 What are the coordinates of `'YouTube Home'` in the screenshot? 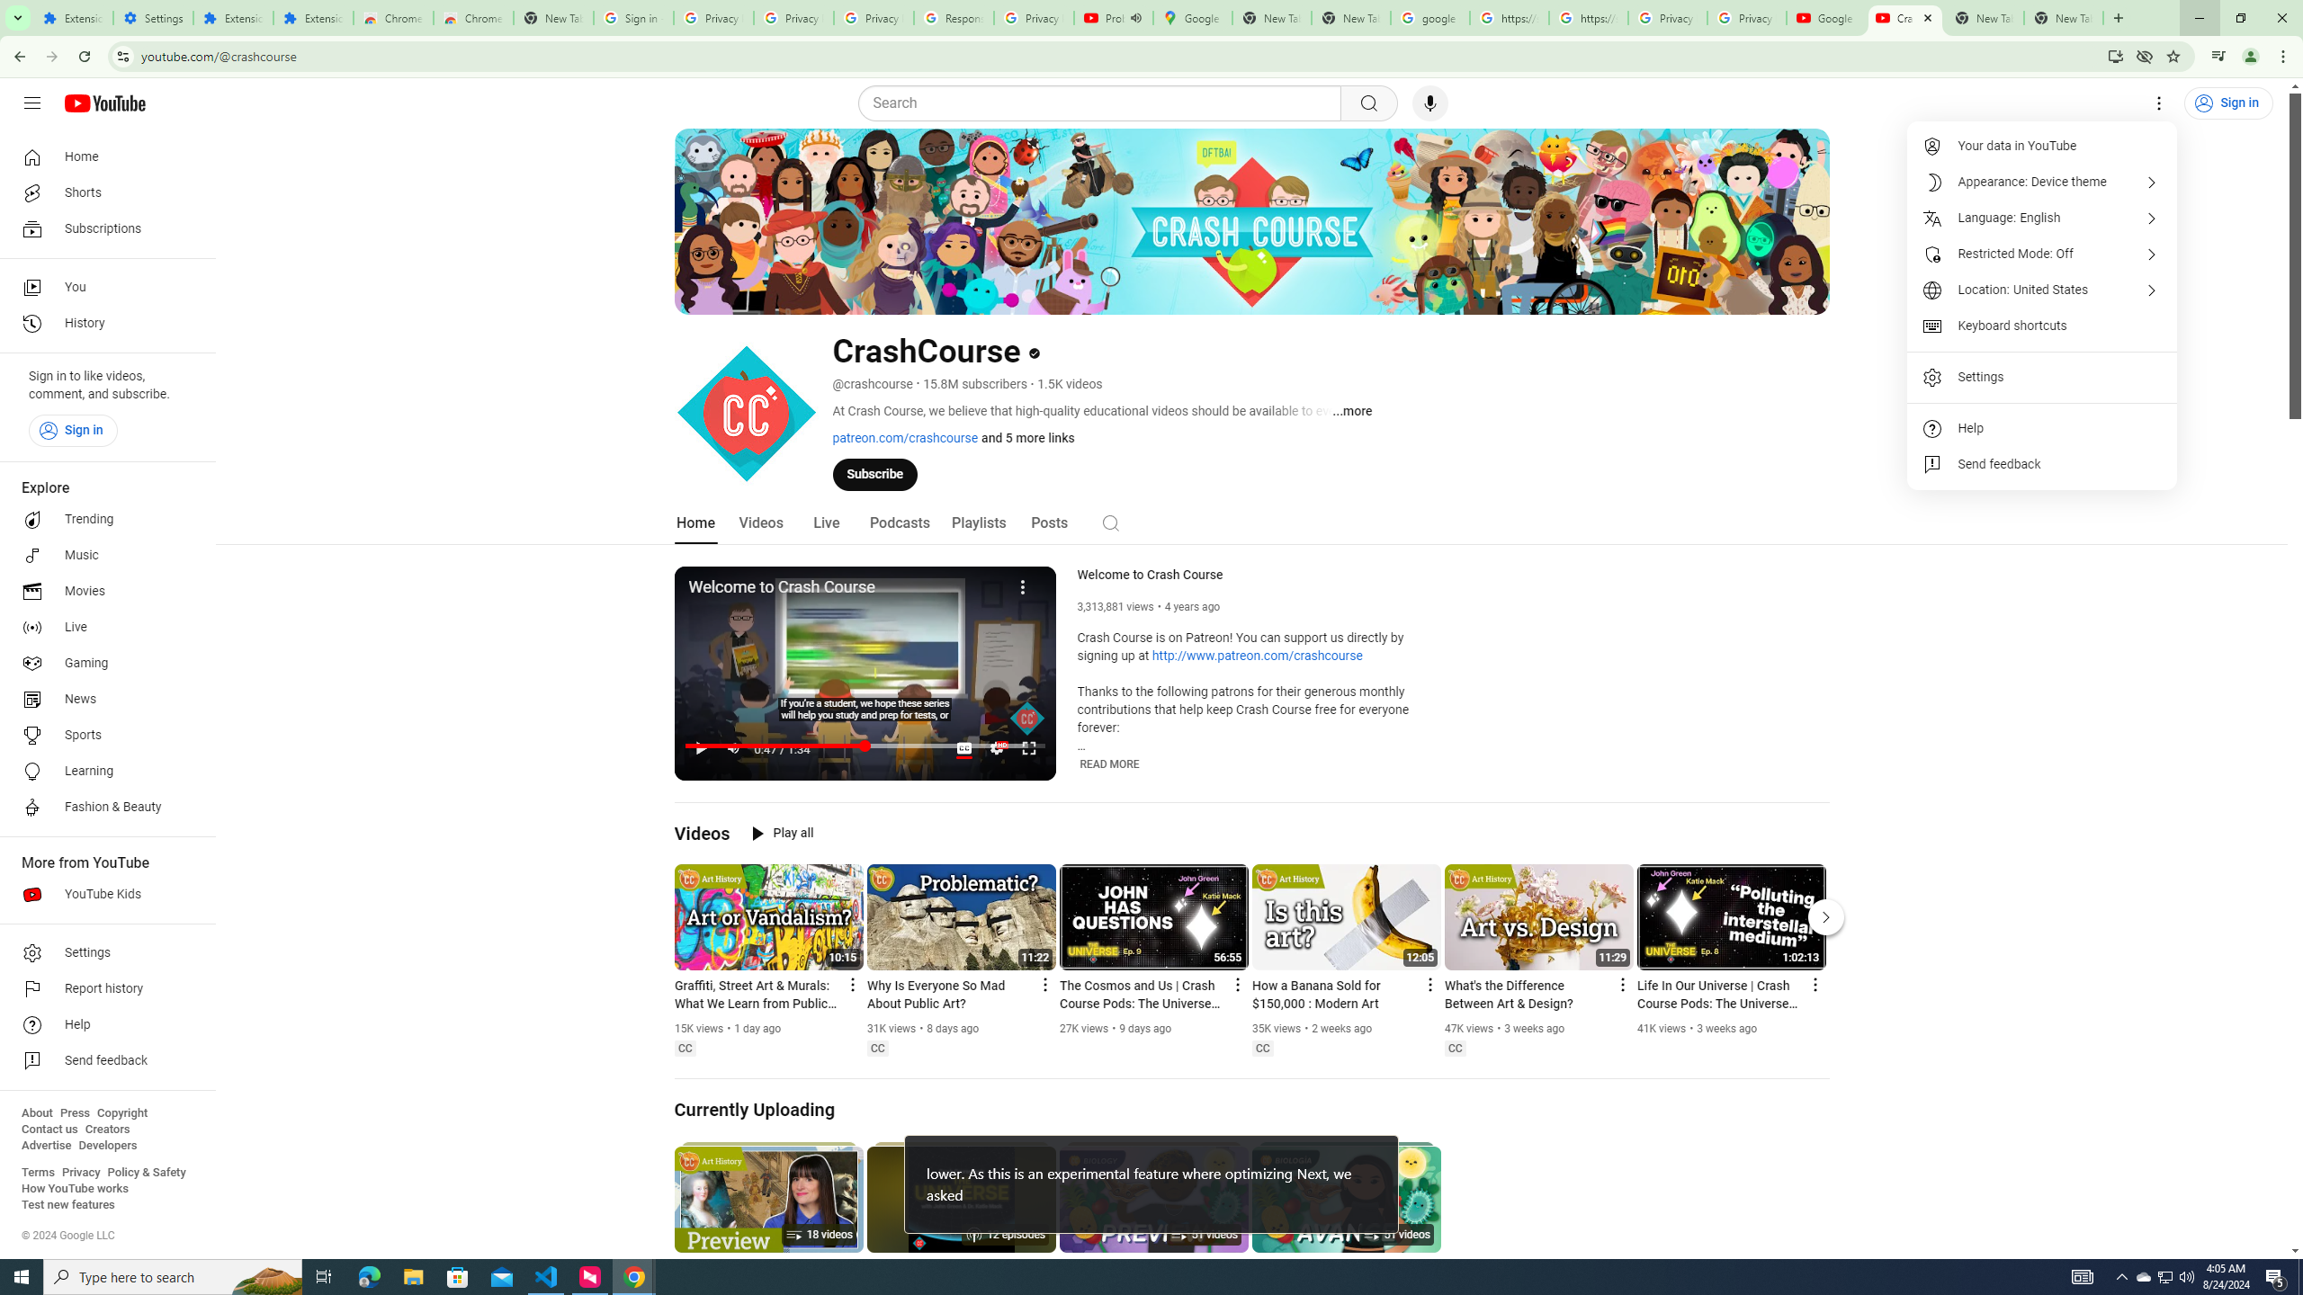 It's located at (103, 103).